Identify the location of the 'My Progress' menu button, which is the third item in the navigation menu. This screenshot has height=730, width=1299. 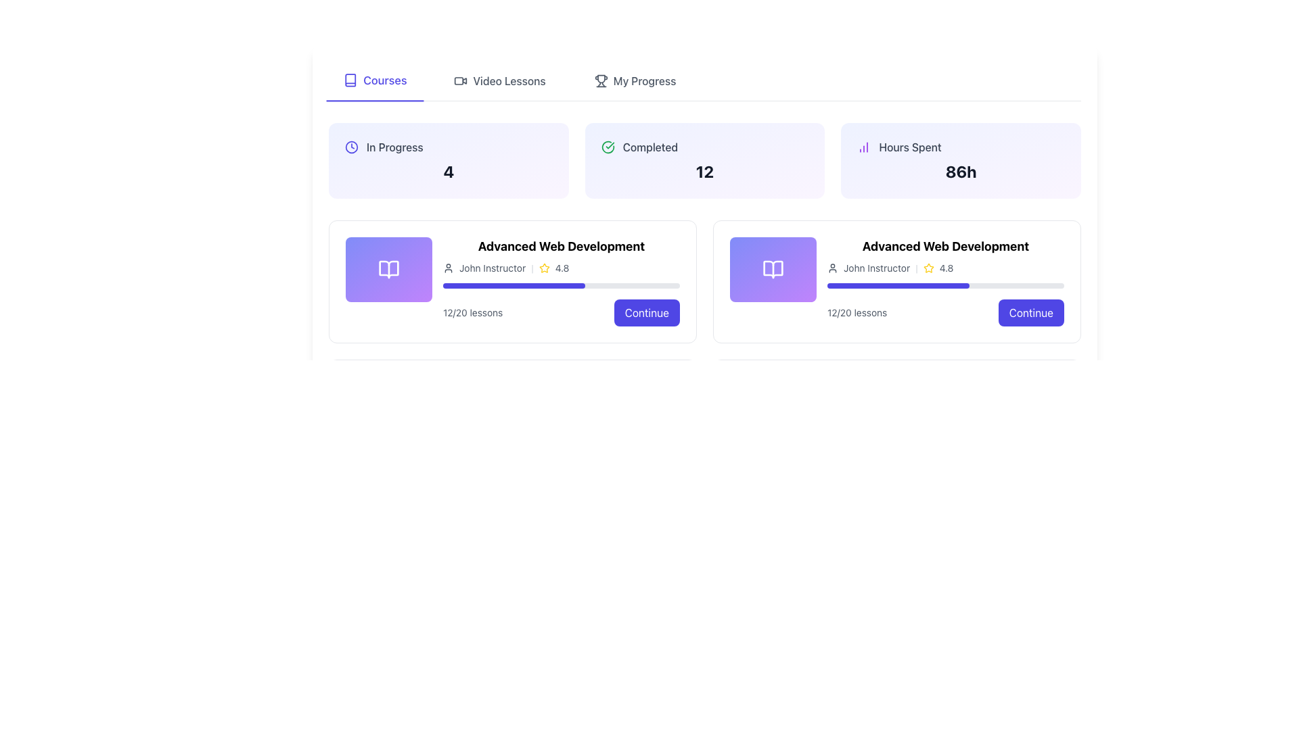
(635, 80).